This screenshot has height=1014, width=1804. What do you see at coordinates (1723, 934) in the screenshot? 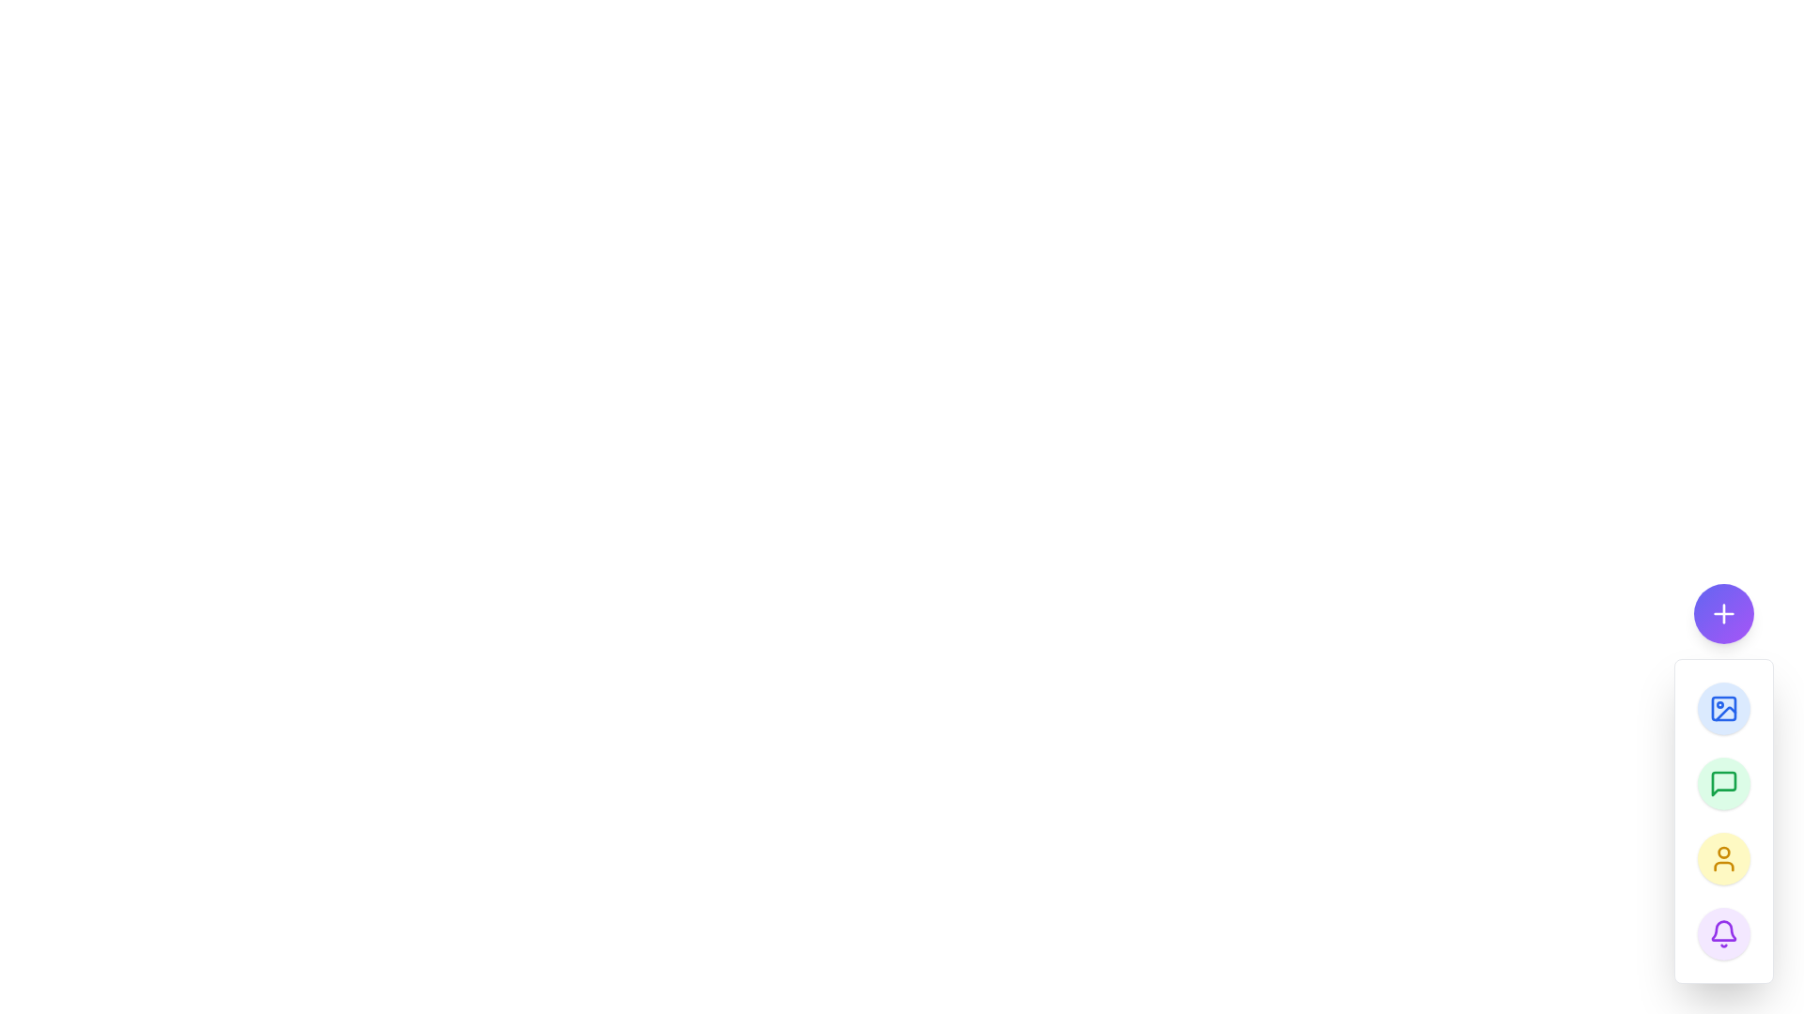
I see `the notification button located below the yellow user icon in the vertical menu of navigational buttons` at bounding box center [1723, 934].